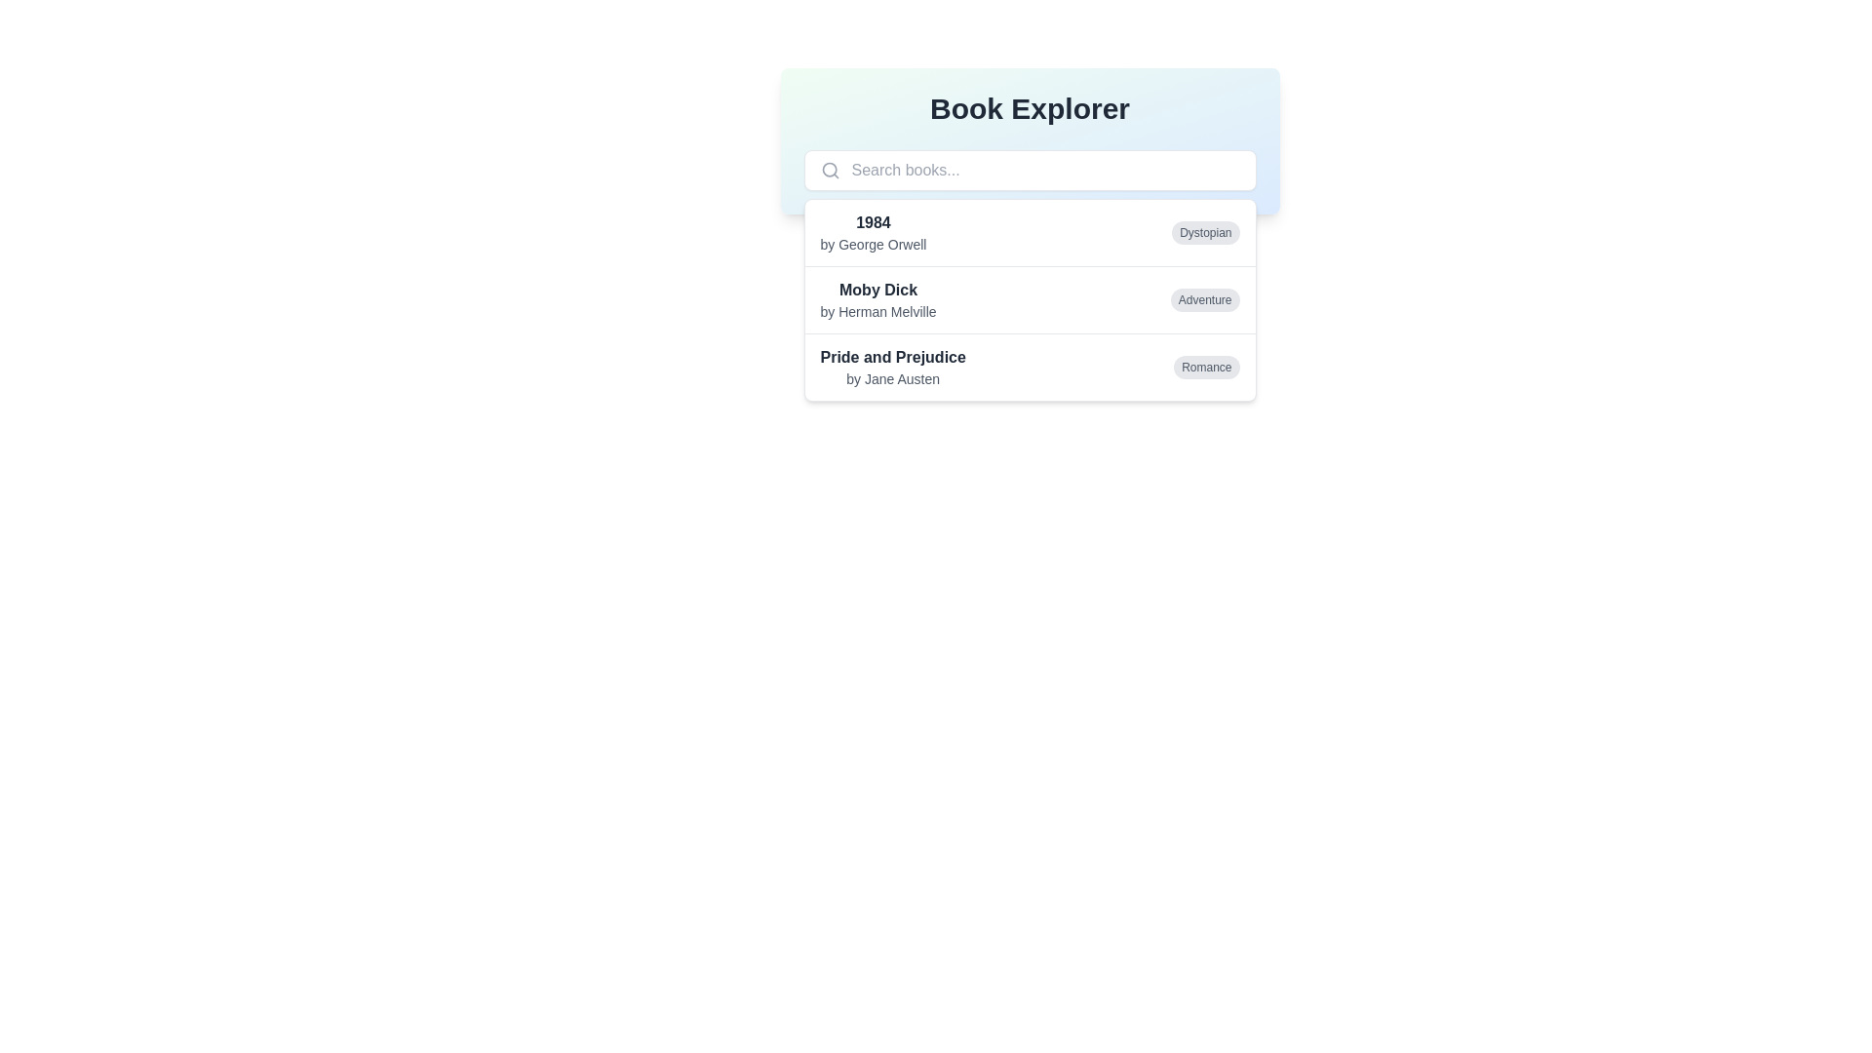 The image size is (1872, 1053). I want to click on the list item titled 'Pride and Prejudice', so click(1029, 368).